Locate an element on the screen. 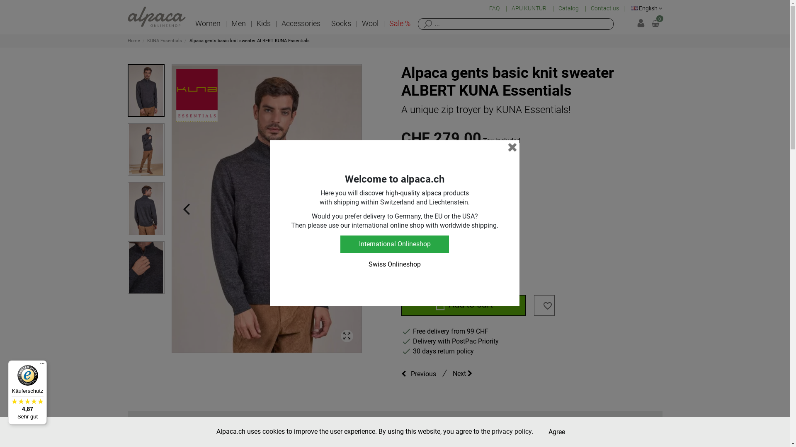 This screenshot has height=447, width=796. 'Kids' is located at coordinates (263, 23).